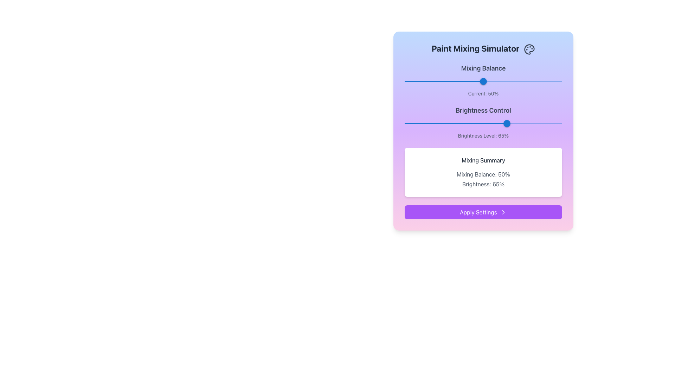 Image resolution: width=675 pixels, height=379 pixels. Describe the element at coordinates (483, 130) in the screenshot. I see `the 'Brightness Control' slider` at that location.